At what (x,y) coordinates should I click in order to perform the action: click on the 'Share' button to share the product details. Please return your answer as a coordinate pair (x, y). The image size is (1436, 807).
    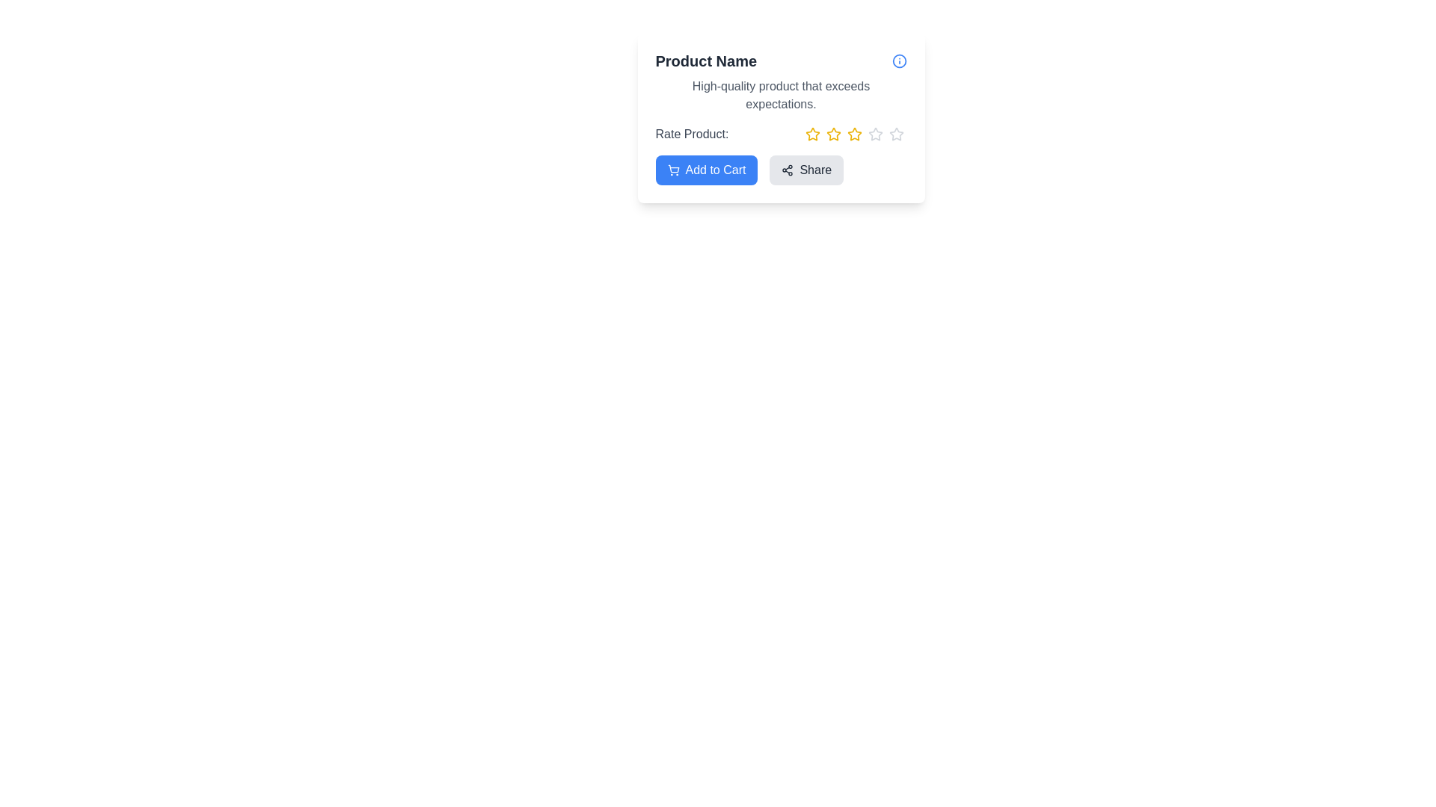
    Looking at the image, I should click on (806, 169).